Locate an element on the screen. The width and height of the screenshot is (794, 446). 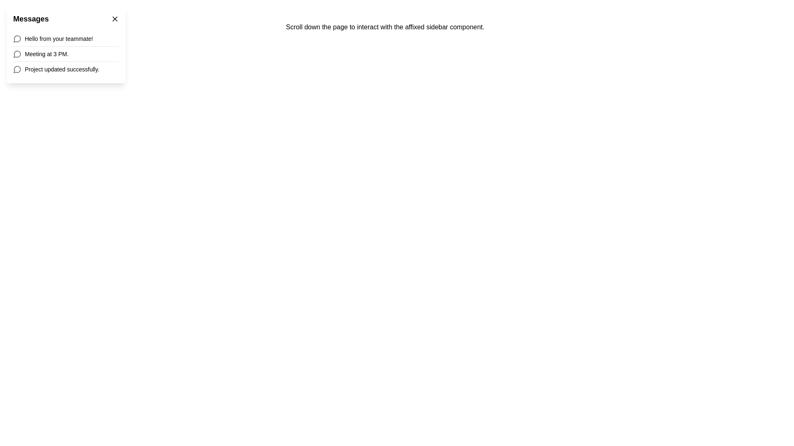
text snippet labeled 'Meeting at 3 PM.' which is the second item in the message list located in the sidebar is located at coordinates (46, 54).